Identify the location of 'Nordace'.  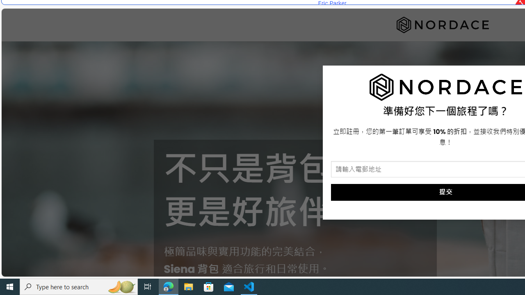
(442, 24).